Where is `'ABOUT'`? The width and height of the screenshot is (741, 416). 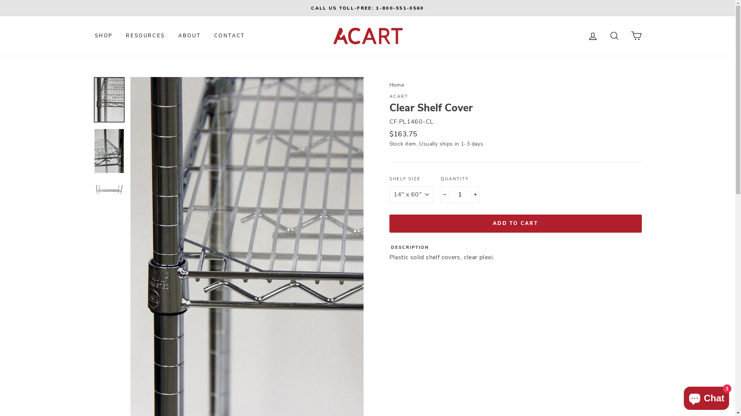 'ABOUT' is located at coordinates (189, 35).